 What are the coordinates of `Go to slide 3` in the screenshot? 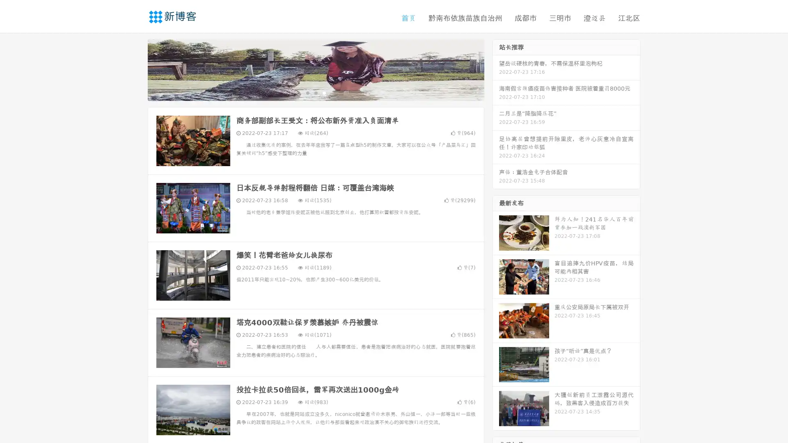 It's located at (324, 92).